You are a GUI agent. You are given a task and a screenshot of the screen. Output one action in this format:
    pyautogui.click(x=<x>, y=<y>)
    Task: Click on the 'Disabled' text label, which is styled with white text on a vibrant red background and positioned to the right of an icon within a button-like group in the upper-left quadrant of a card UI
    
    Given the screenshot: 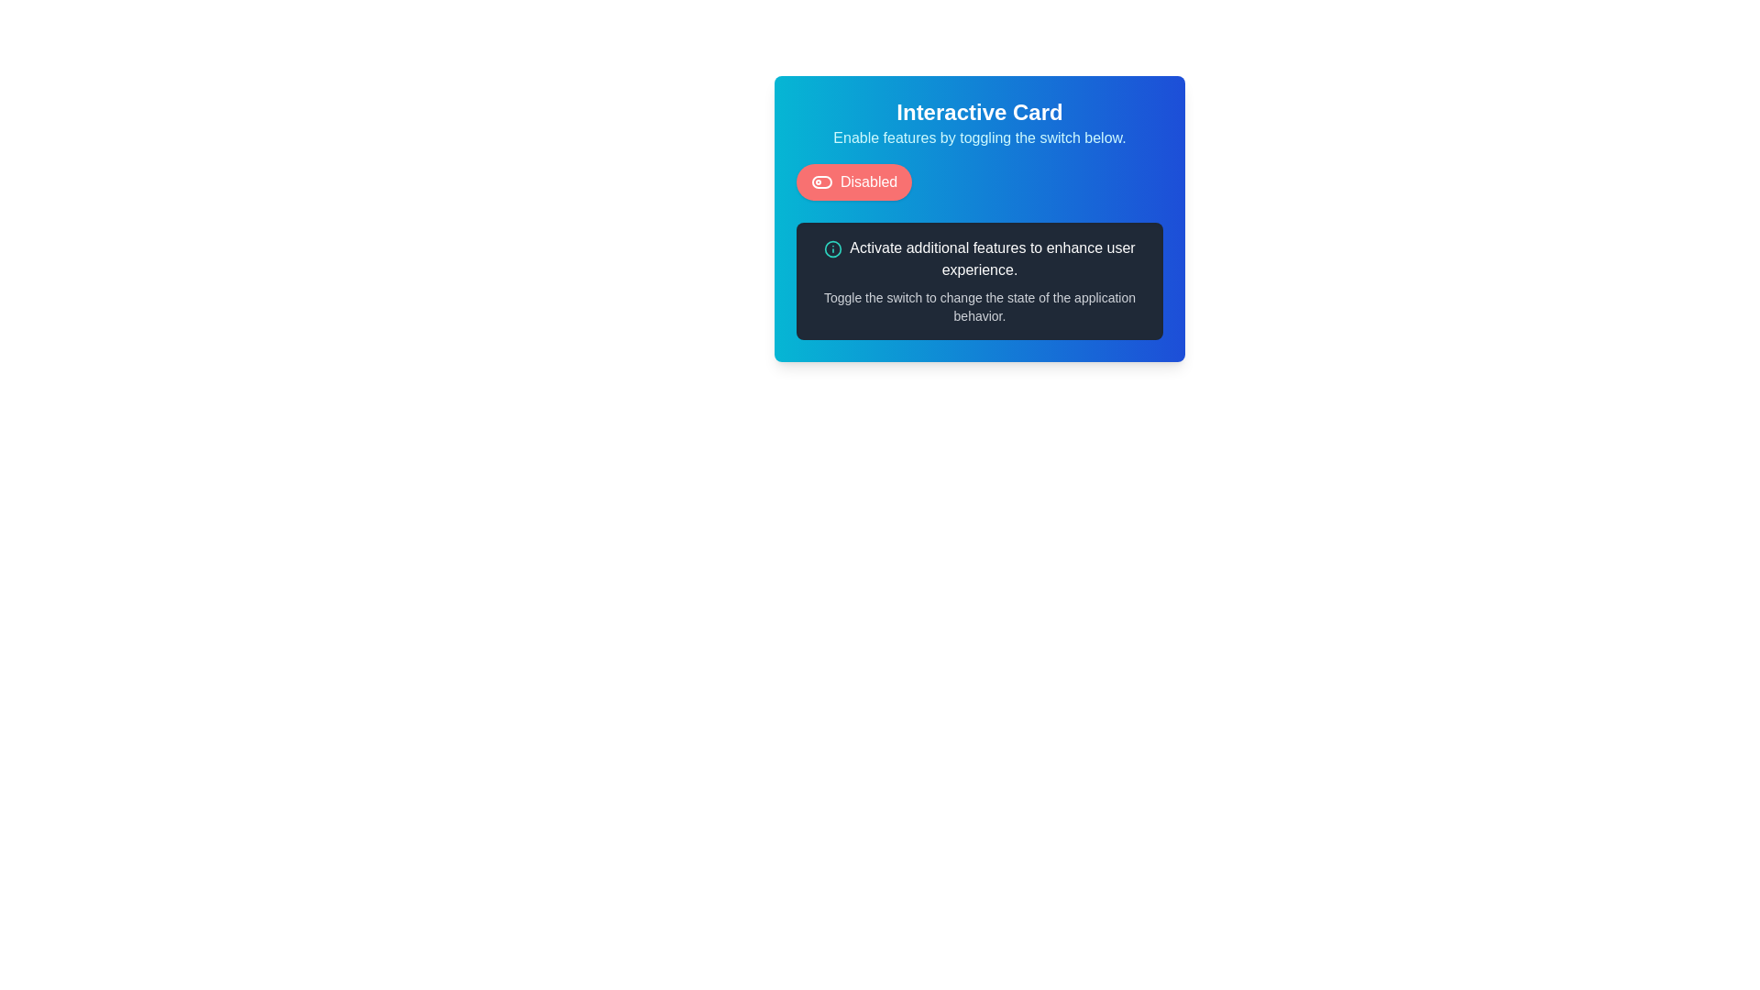 What is the action you would take?
    pyautogui.click(x=868, y=182)
    